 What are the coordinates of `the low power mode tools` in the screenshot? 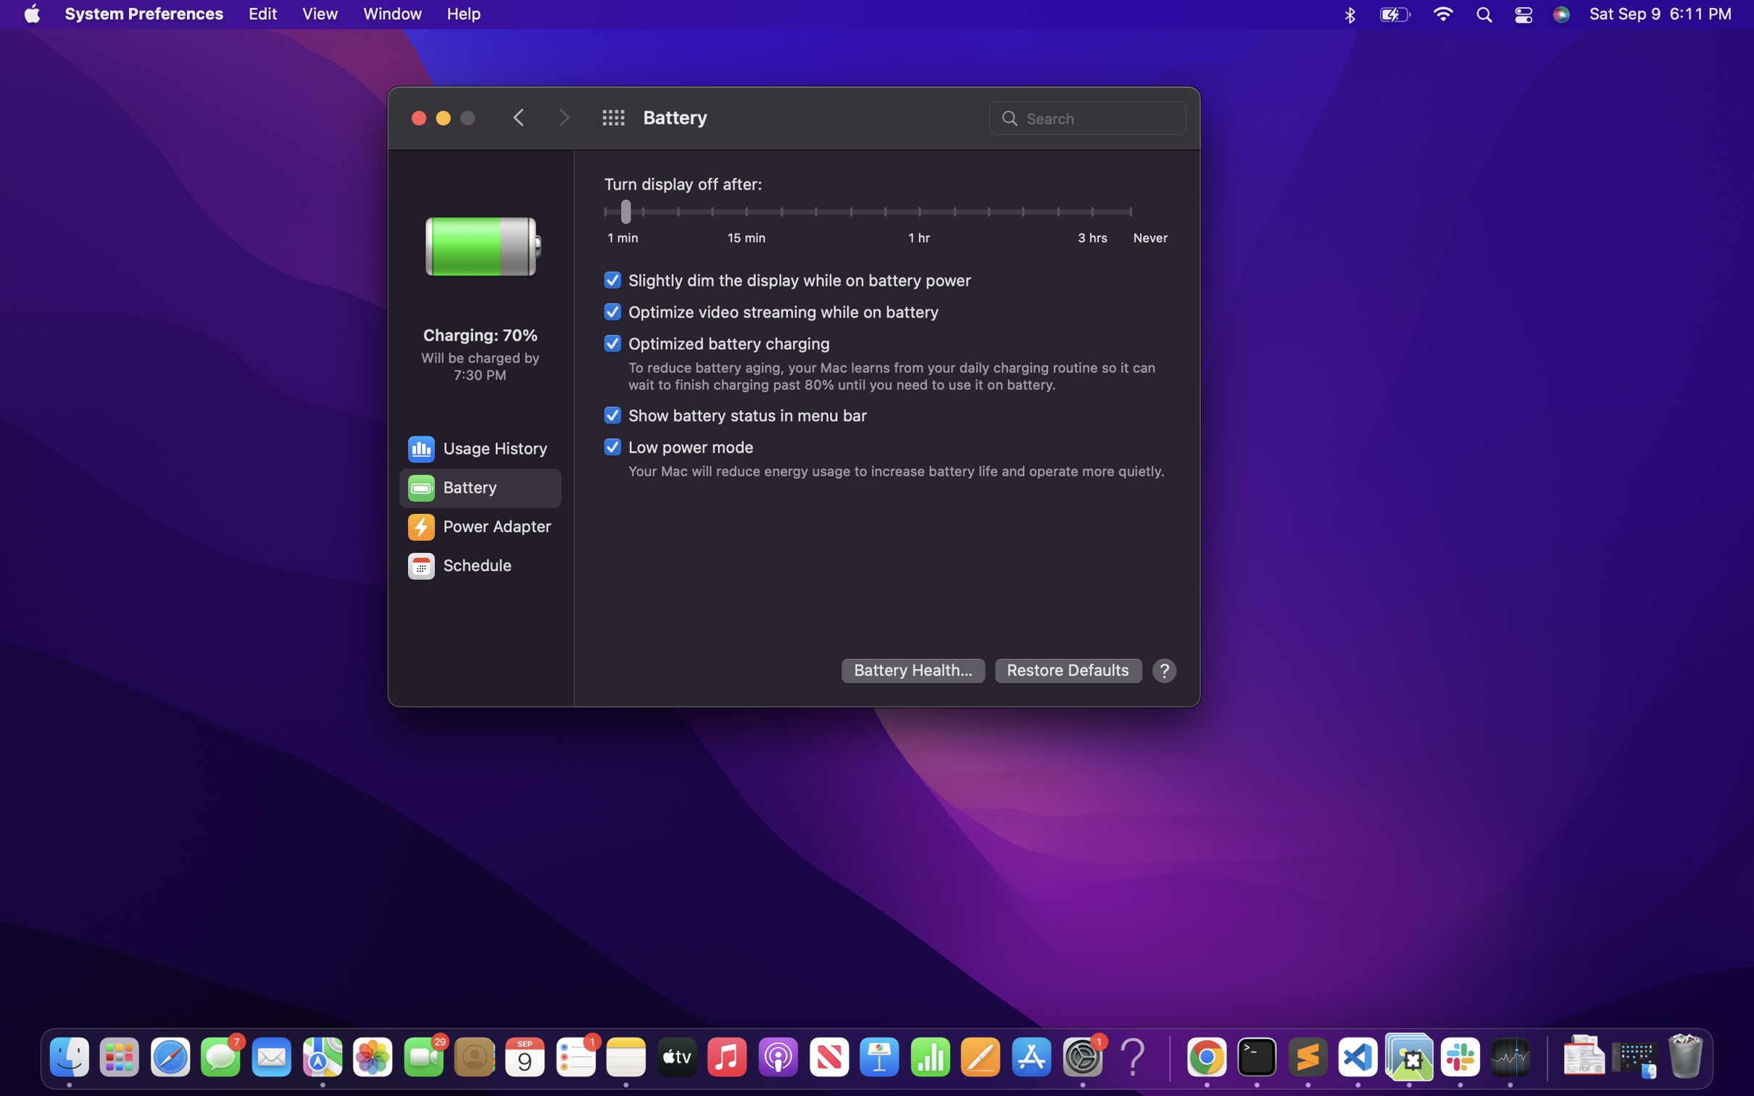 It's located at (678, 446).